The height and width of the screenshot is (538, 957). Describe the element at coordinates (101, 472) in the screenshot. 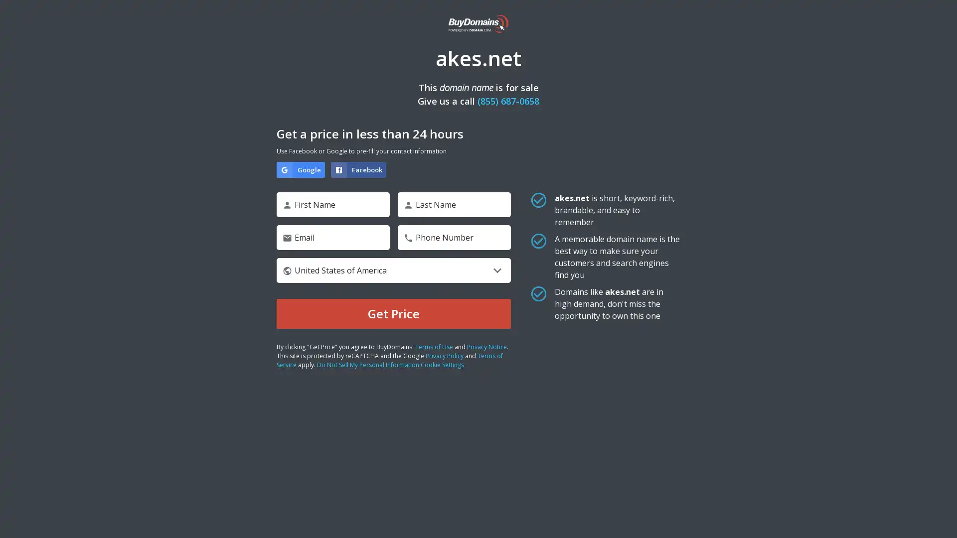

I see `Got It` at that location.